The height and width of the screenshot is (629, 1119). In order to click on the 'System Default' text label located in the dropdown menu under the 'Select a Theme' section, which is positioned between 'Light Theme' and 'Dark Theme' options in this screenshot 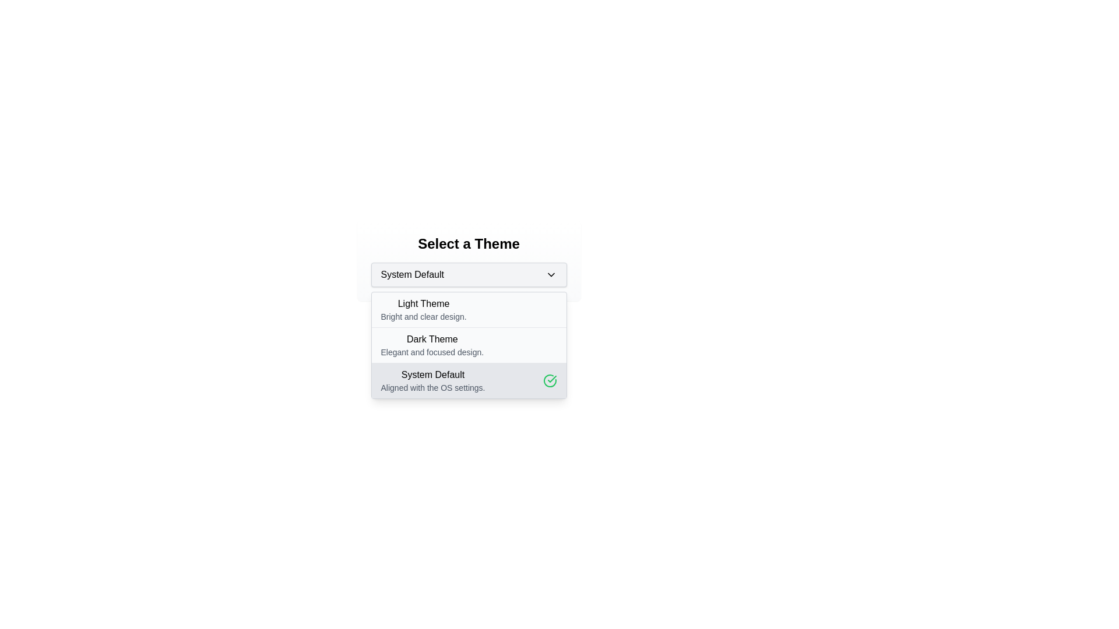, I will do `click(432, 375)`.